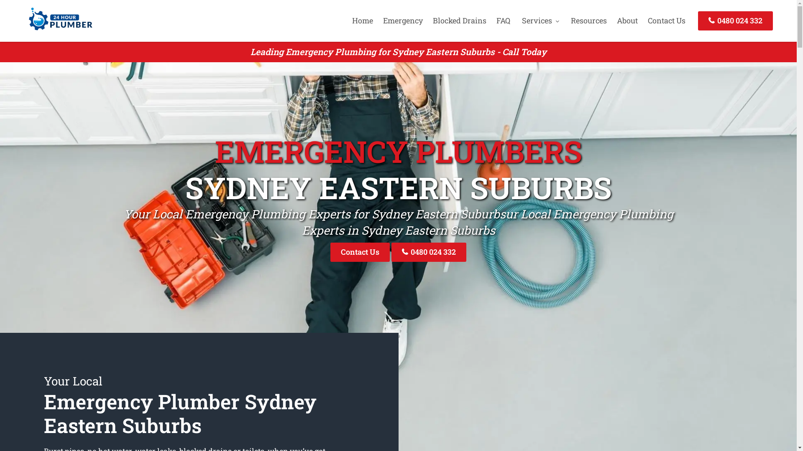 The width and height of the screenshot is (803, 451). What do you see at coordinates (429, 251) in the screenshot?
I see `'0480 024 332'` at bounding box center [429, 251].